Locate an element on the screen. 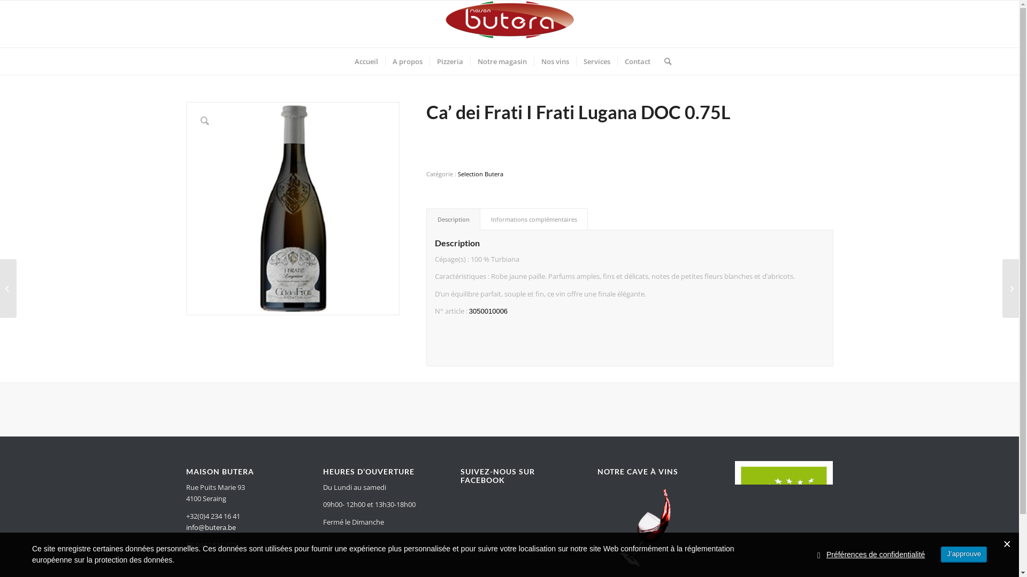  'Nos vins' is located at coordinates (555, 61).